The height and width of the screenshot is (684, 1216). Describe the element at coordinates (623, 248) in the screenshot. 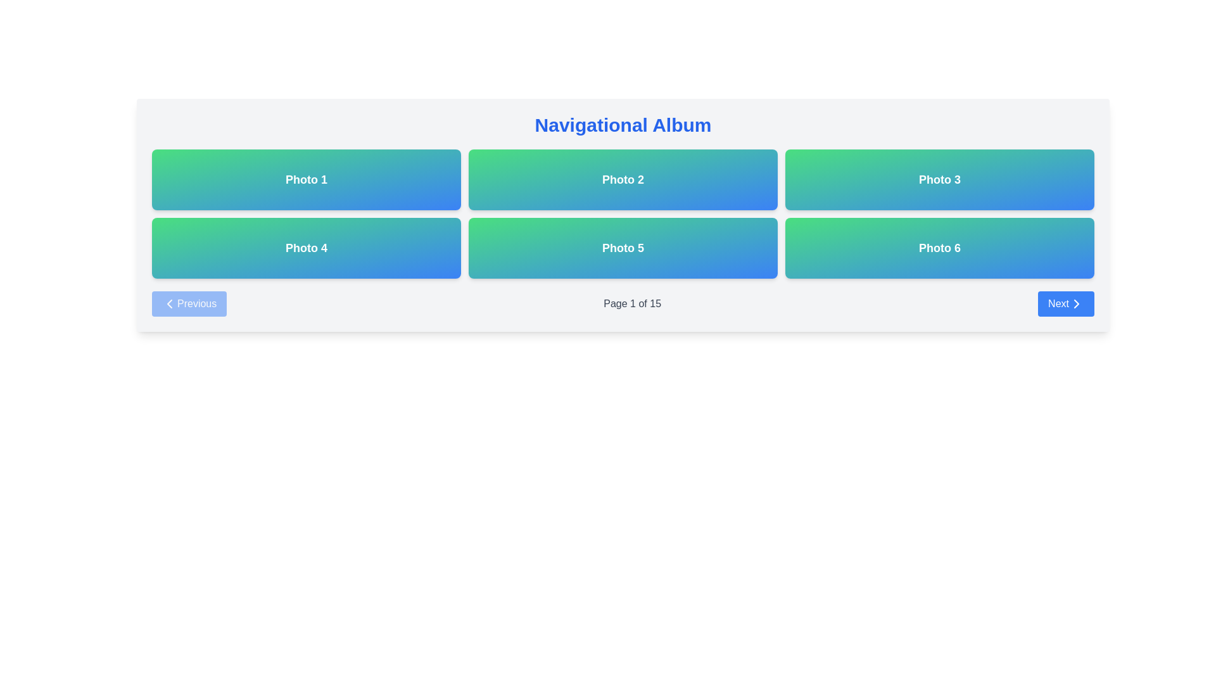

I see `the display card representing 'Photo 5', which is located in the second row, second column of the grid layout` at that location.